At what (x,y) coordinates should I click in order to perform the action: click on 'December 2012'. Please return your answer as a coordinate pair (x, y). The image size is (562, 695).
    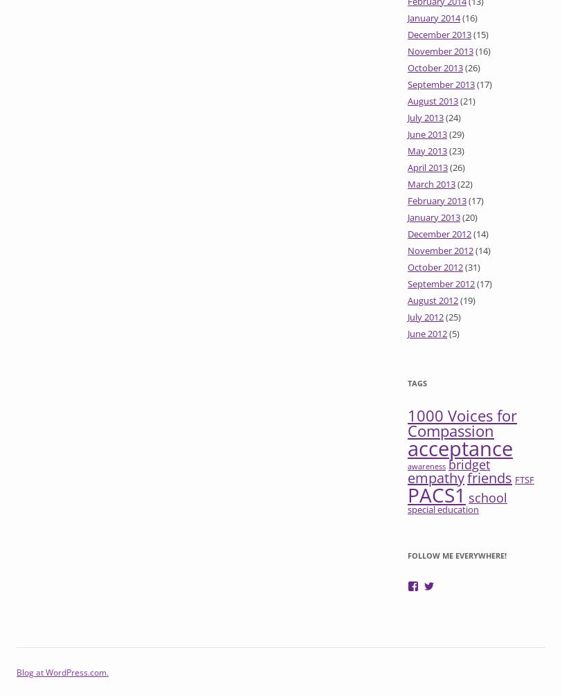
    Looking at the image, I should click on (439, 234).